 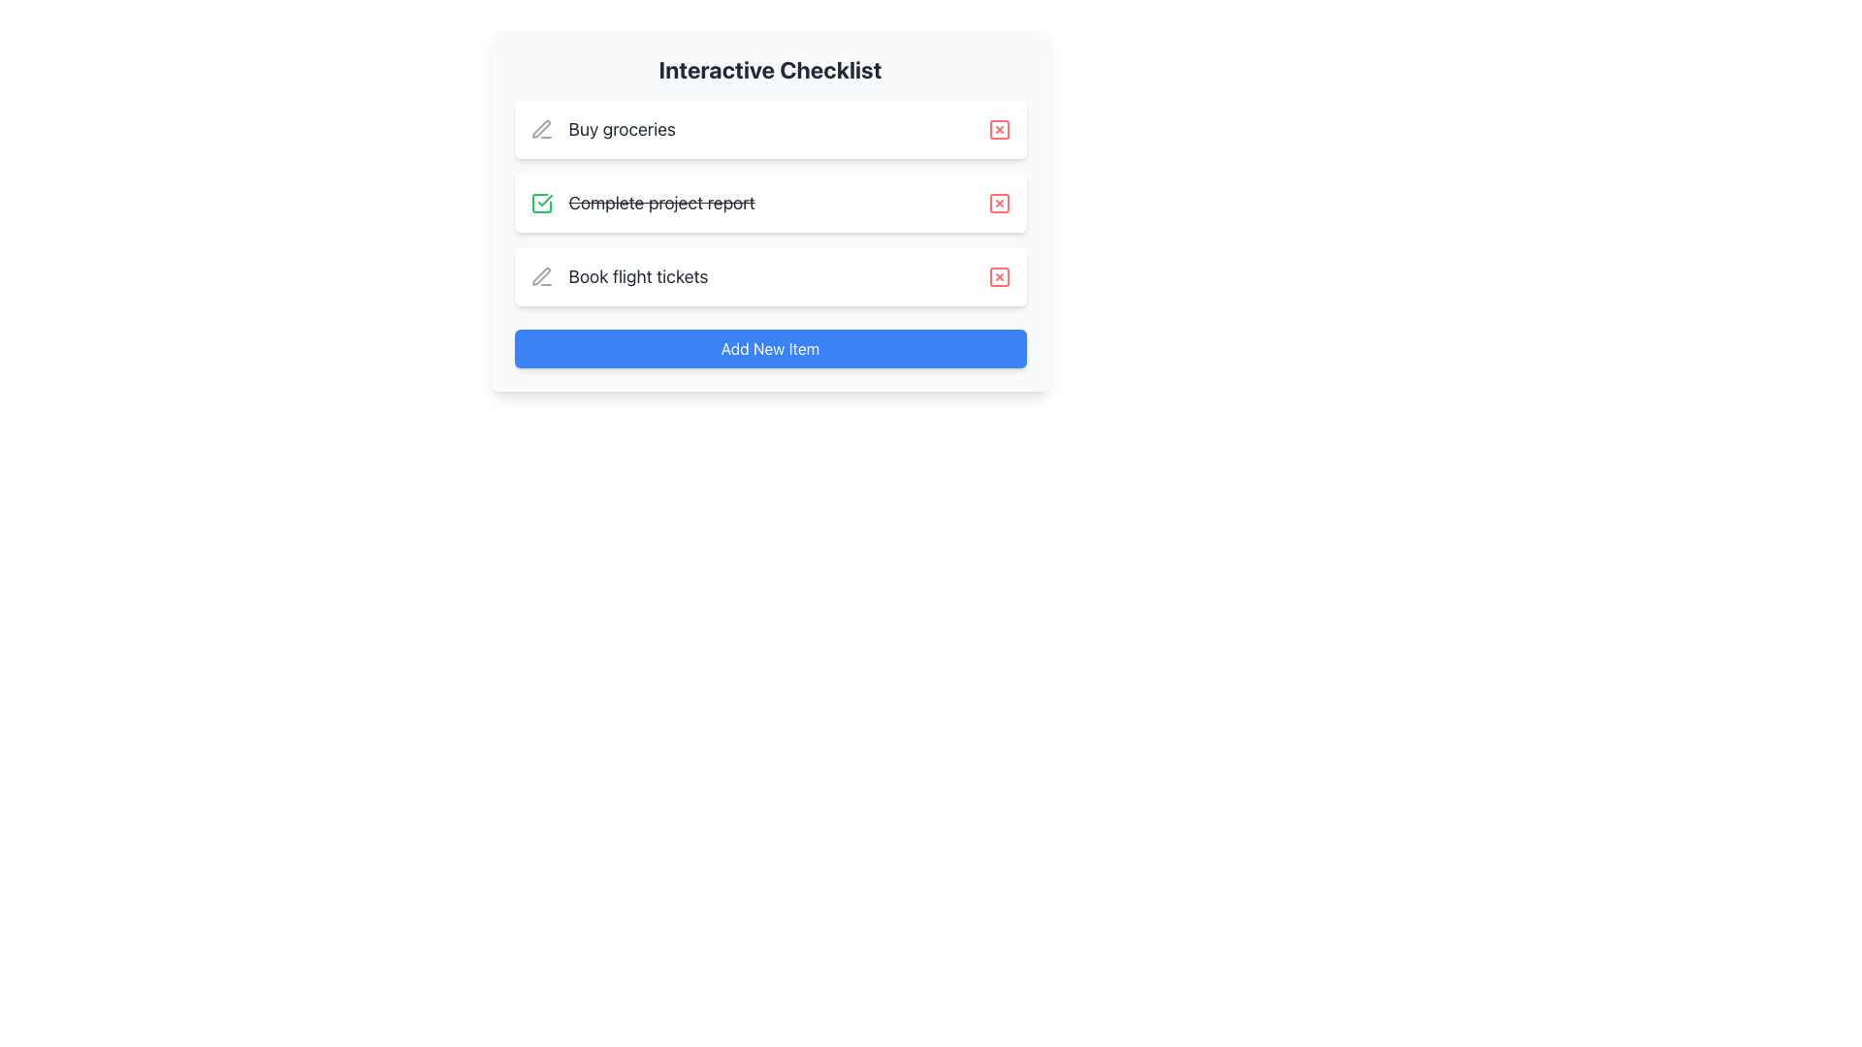 I want to click on the completed task entry labeled 'Complete project report', so click(x=769, y=203).